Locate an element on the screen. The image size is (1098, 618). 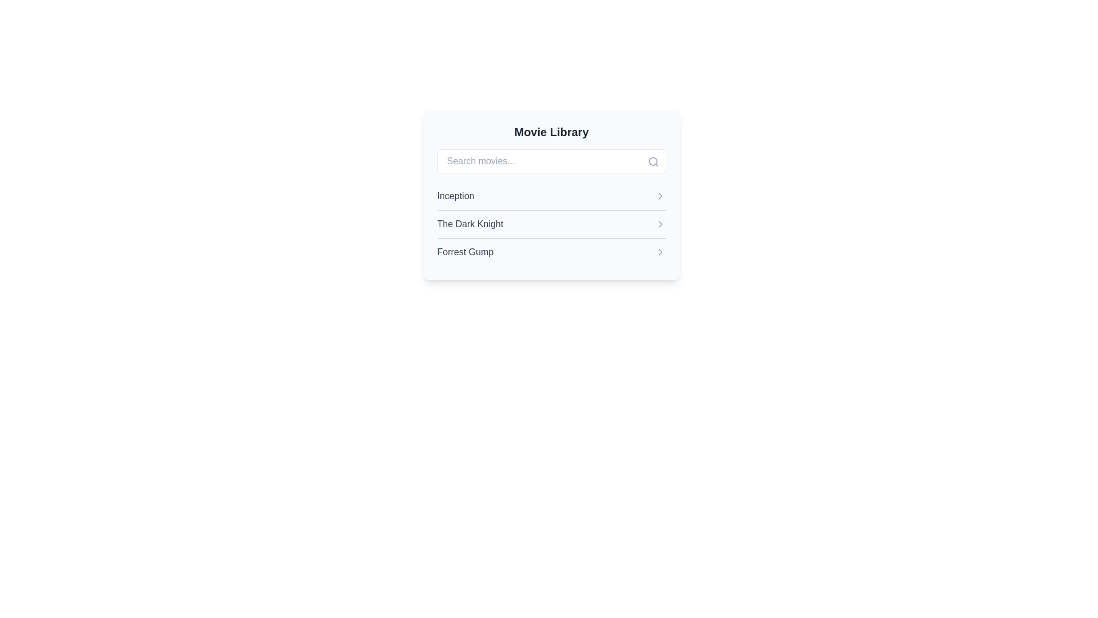
the circular icon part of the search bar in the 'Movie Library' UI module, which resembles a magnifying glass's lens is located at coordinates (653, 161).